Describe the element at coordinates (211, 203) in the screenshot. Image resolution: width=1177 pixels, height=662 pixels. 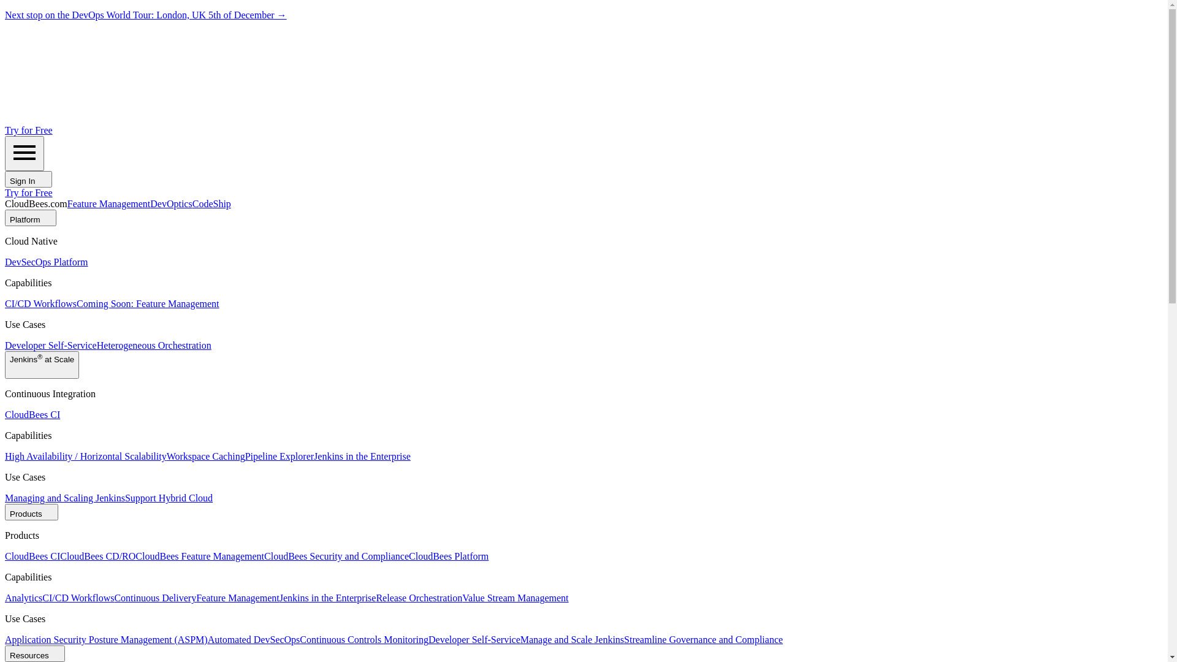
I see `'CodeShip'` at that location.